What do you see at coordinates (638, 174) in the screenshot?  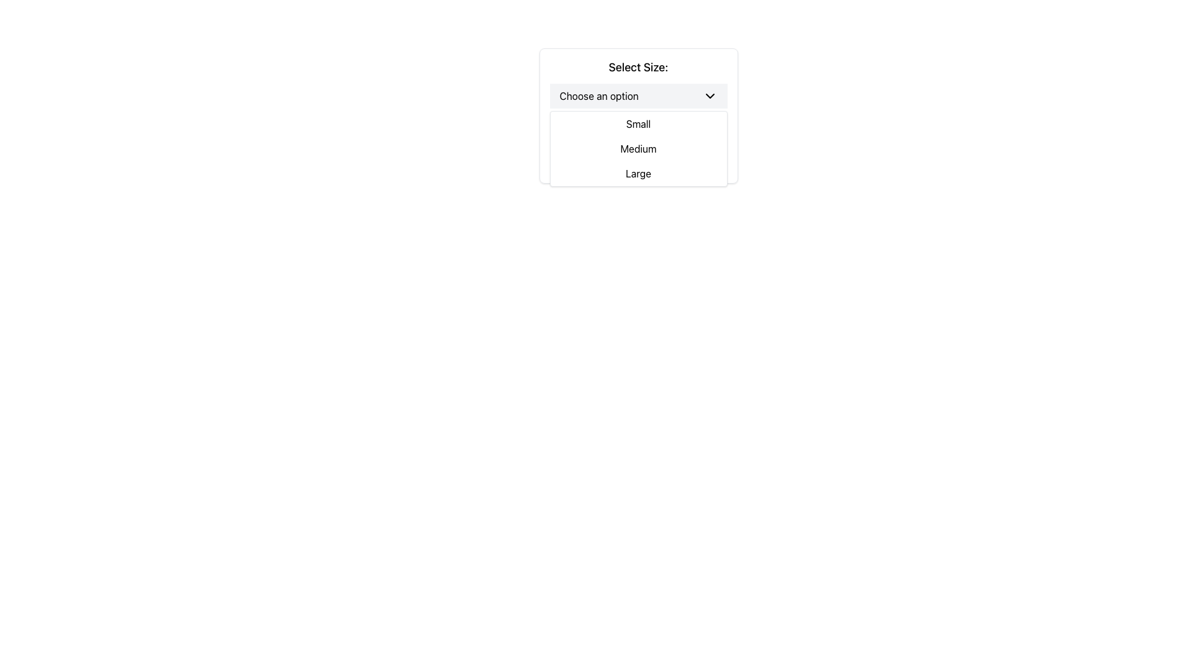 I see `to select the 'Large' option from the dropdown menu, which is the third item in the list` at bounding box center [638, 174].